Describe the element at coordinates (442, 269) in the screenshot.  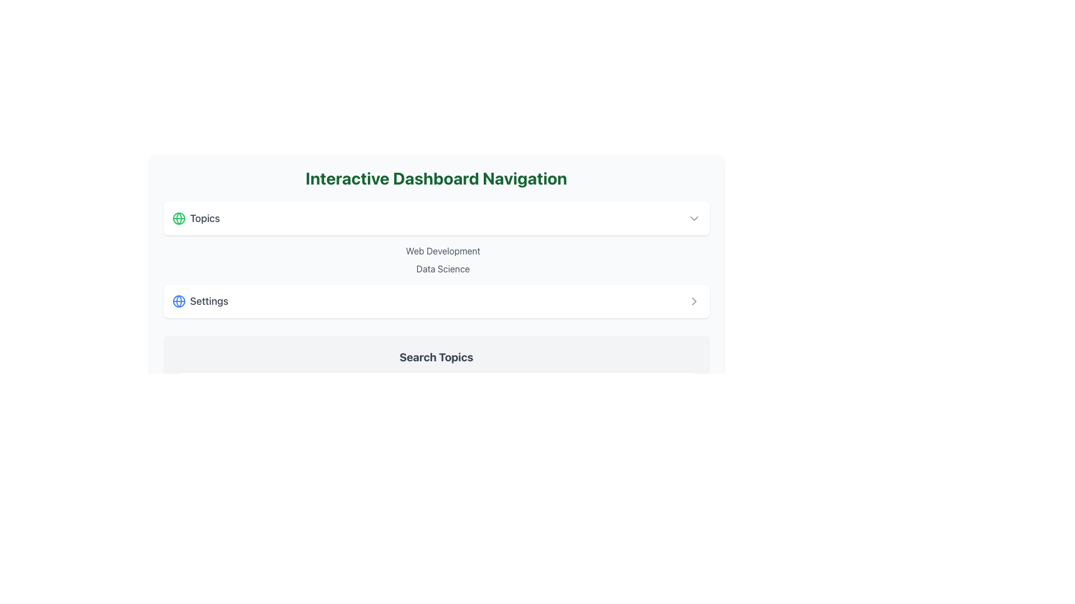
I see `the hyperlink located in the middle of the interface under the text 'Web Development'` at that location.